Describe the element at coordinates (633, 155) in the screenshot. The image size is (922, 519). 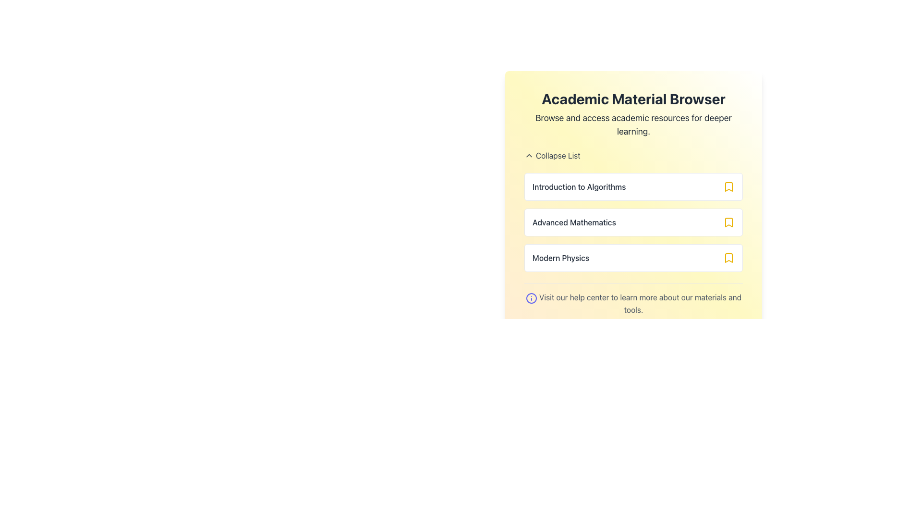
I see `the 'Collapse List' interactive toggle` at that location.